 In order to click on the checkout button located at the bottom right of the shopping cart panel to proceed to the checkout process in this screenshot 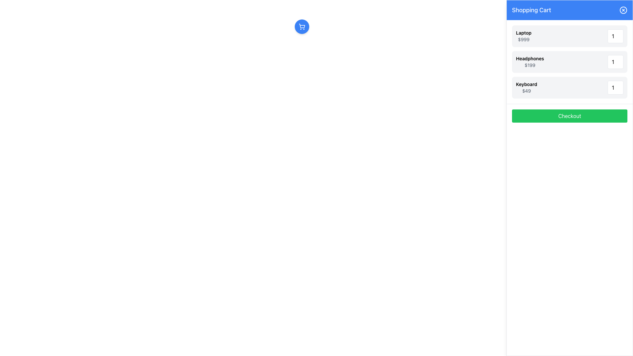, I will do `click(569, 115)`.